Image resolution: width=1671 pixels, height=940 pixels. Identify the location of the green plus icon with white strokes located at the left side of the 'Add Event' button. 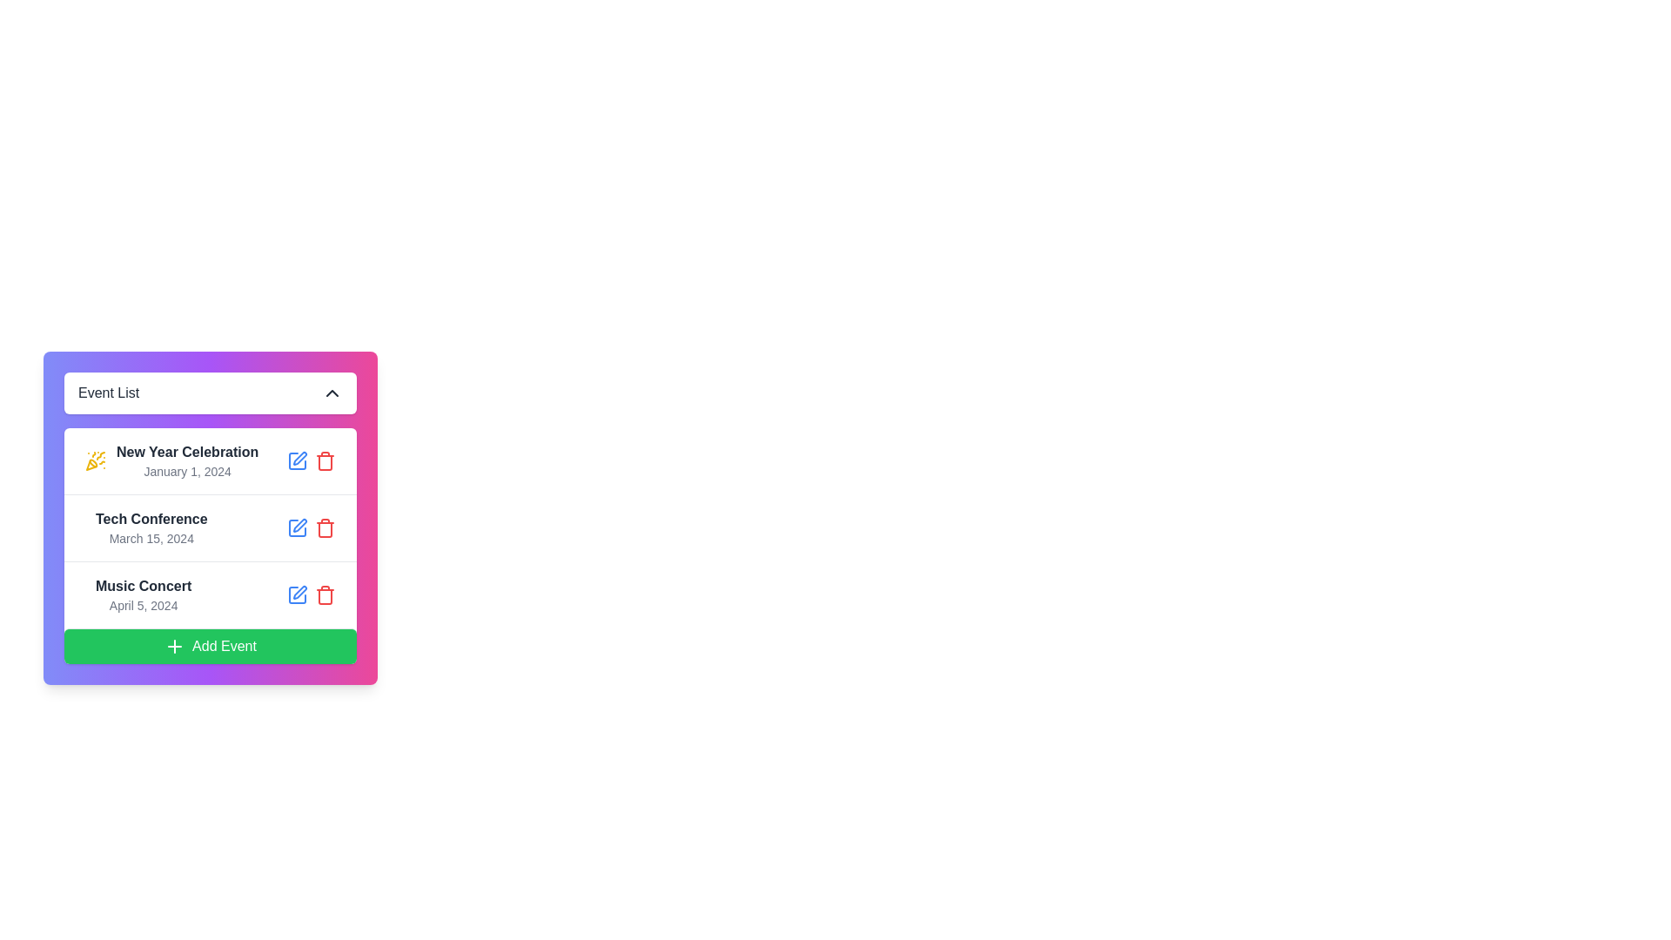
(175, 647).